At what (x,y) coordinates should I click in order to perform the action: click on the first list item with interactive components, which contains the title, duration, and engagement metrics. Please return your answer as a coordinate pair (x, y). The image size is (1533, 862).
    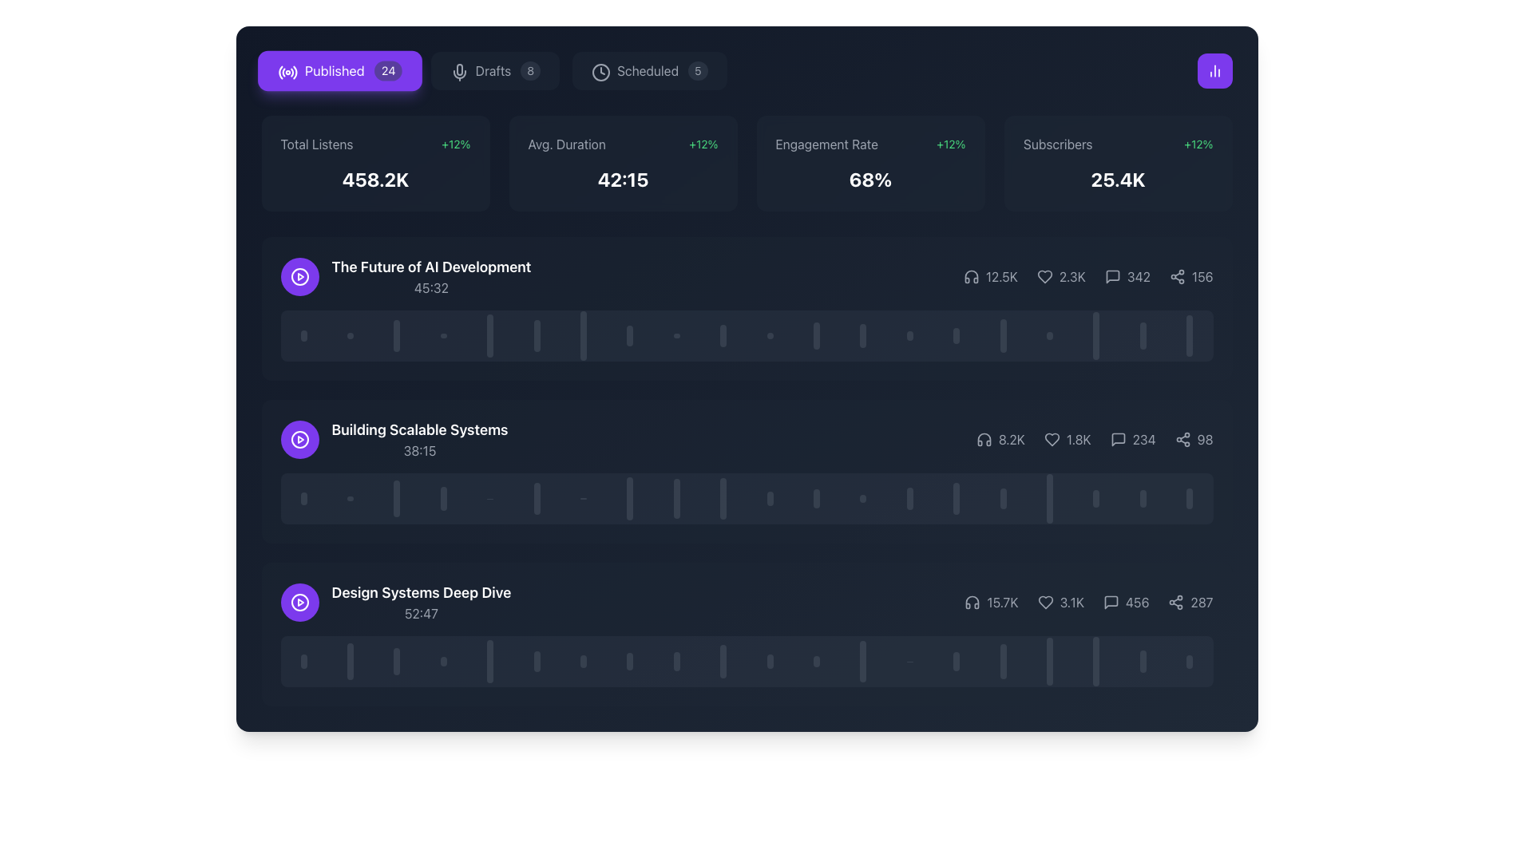
    Looking at the image, I should click on (746, 276).